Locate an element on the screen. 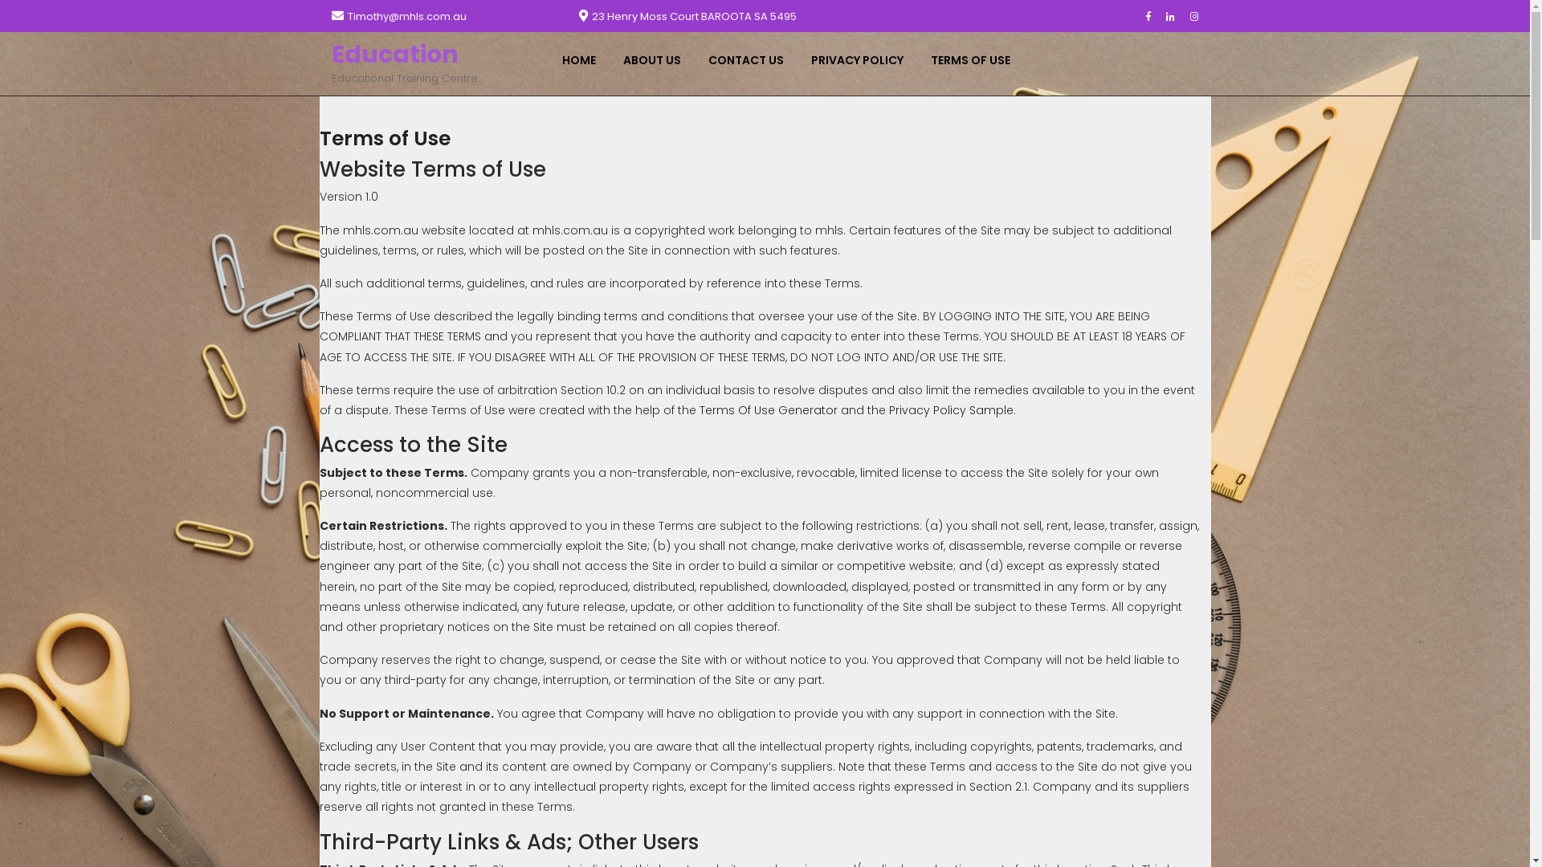 This screenshot has width=1542, height=867. 'Education' is located at coordinates (394, 54).